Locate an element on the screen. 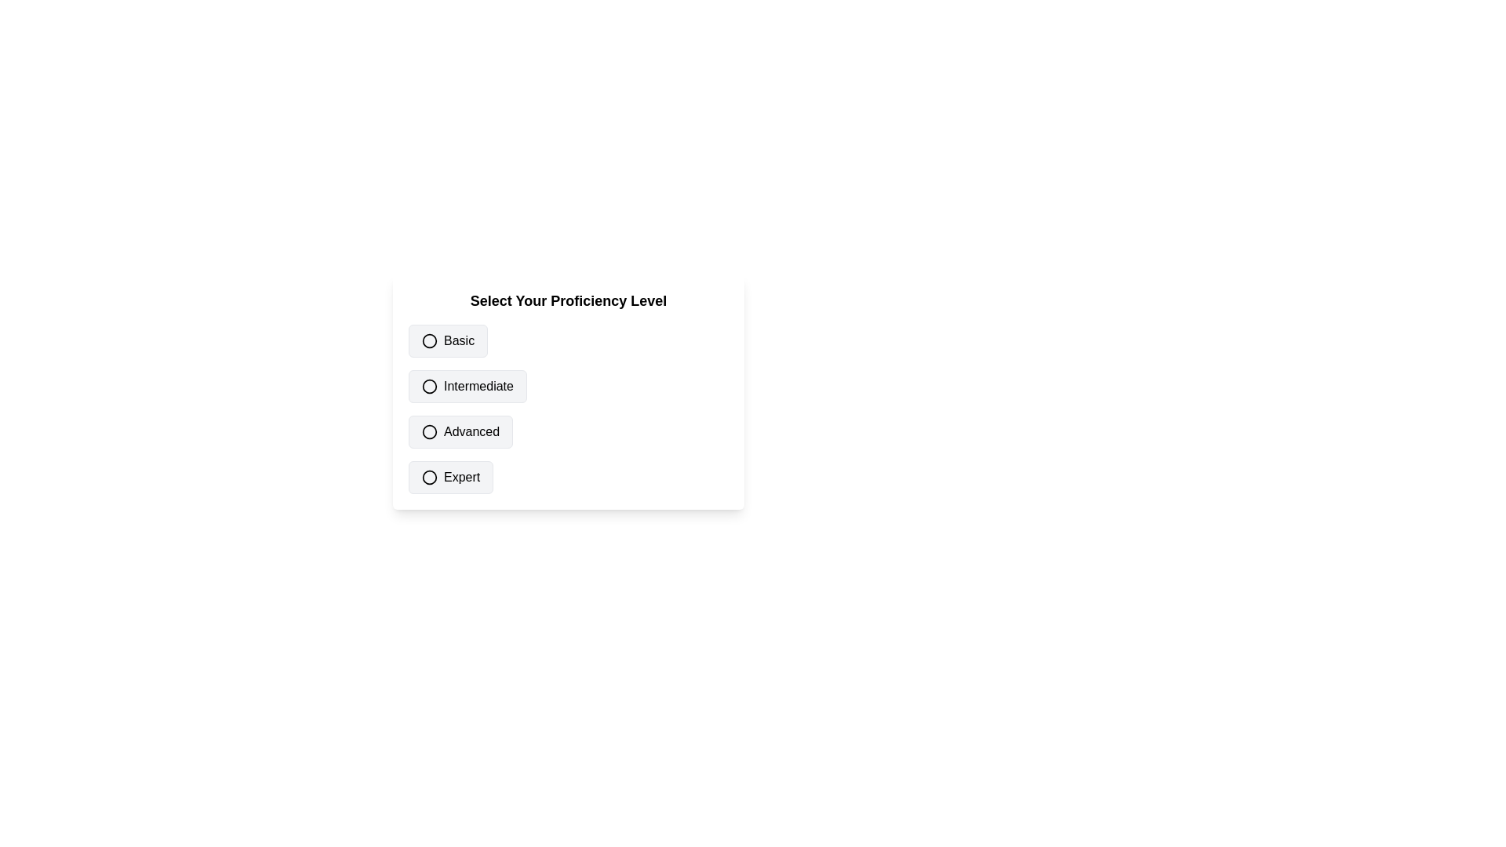 The height and width of the screenshot is (847, 1506). the radio button for the 'Advanced' option, which is a circular element next to the text 'Advanced' in the proficiency levels list is located at coordinates (429, 432).